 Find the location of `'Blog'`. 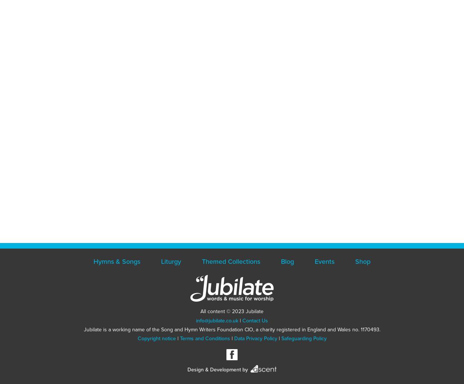

'Blog' is located at coordinates (287, 261).